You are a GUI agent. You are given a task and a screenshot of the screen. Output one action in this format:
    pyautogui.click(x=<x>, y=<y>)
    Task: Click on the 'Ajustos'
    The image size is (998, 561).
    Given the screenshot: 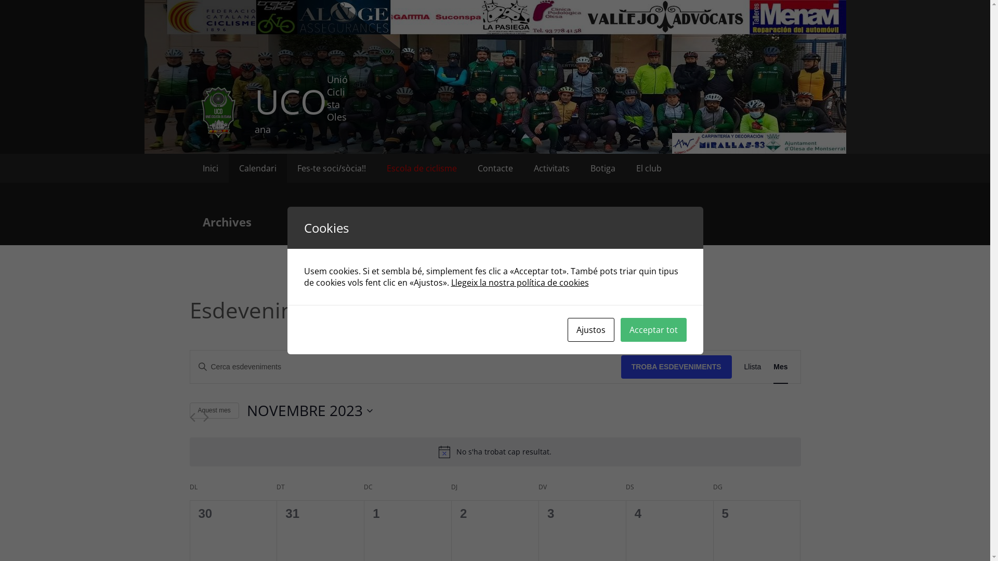 What is the action you would take?
    pyautogui.click(x=567, y=330)
    